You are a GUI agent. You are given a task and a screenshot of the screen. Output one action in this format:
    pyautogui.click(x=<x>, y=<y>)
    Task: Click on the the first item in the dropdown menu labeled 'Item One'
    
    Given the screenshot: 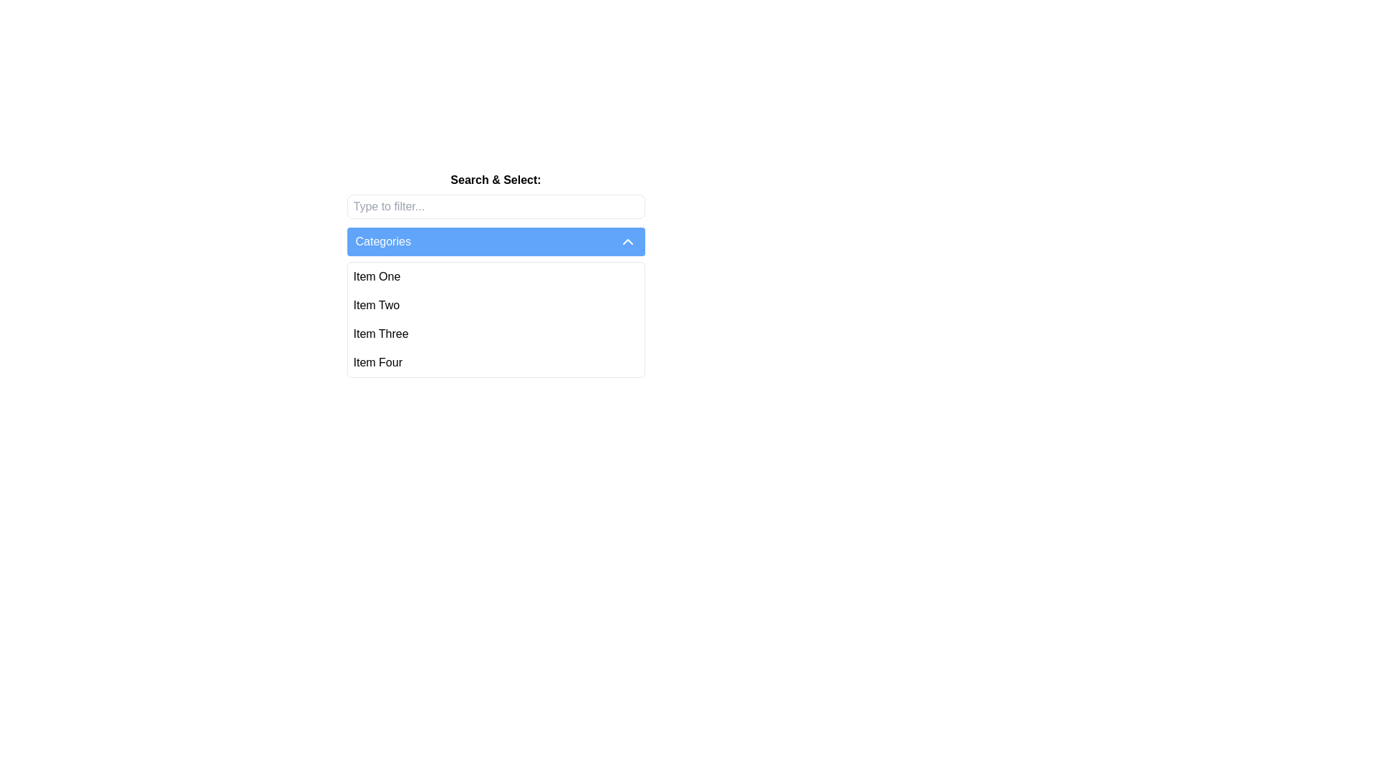 What is the action you would take?
    pyautogui.click(x=496, y=276)
    